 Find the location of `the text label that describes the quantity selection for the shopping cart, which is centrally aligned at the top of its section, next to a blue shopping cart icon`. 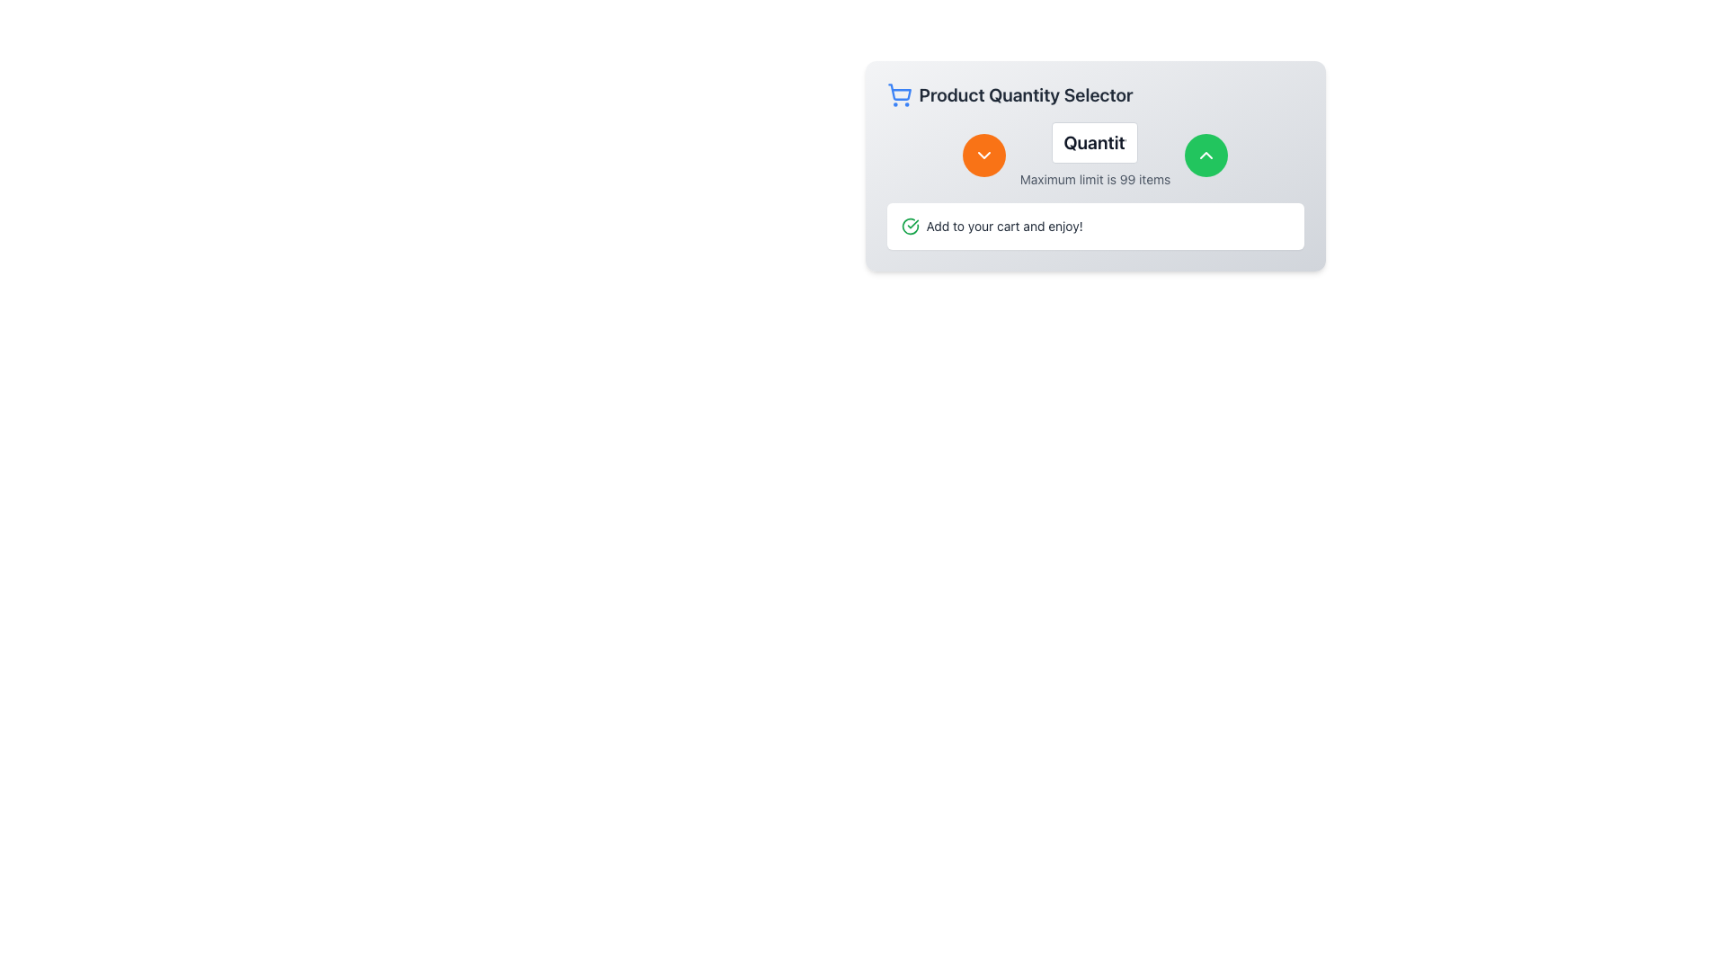

the text label that describes the quantity selection for the shopping cart, which is centrally aligned at the top of its section, next to a blue shopping cart icon is located at coordinates (1026, 94).